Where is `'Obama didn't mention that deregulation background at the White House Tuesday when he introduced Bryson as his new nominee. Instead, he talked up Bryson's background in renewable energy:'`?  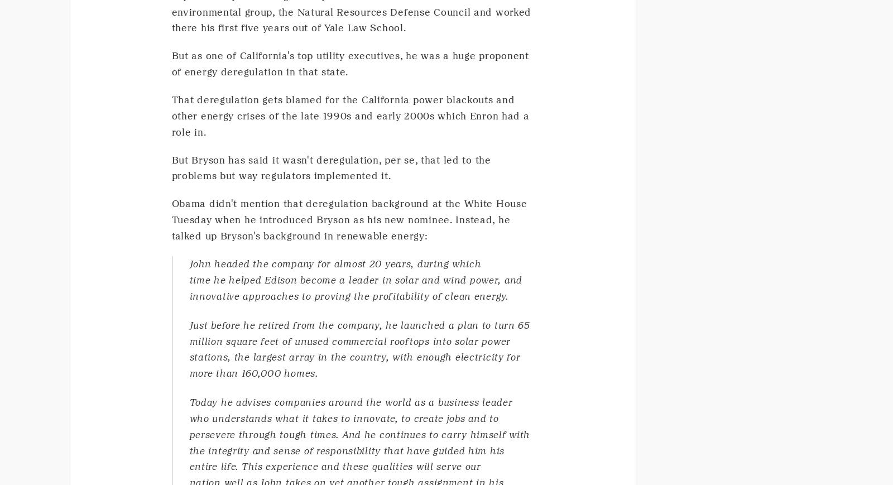 'Obama didn't mention that deregulation background at the White House Tuesday when he introduced Bryson as his new nominee. Instead, he talked up Bryson's background in renewable energy:' is located at coordinates (349, 219).